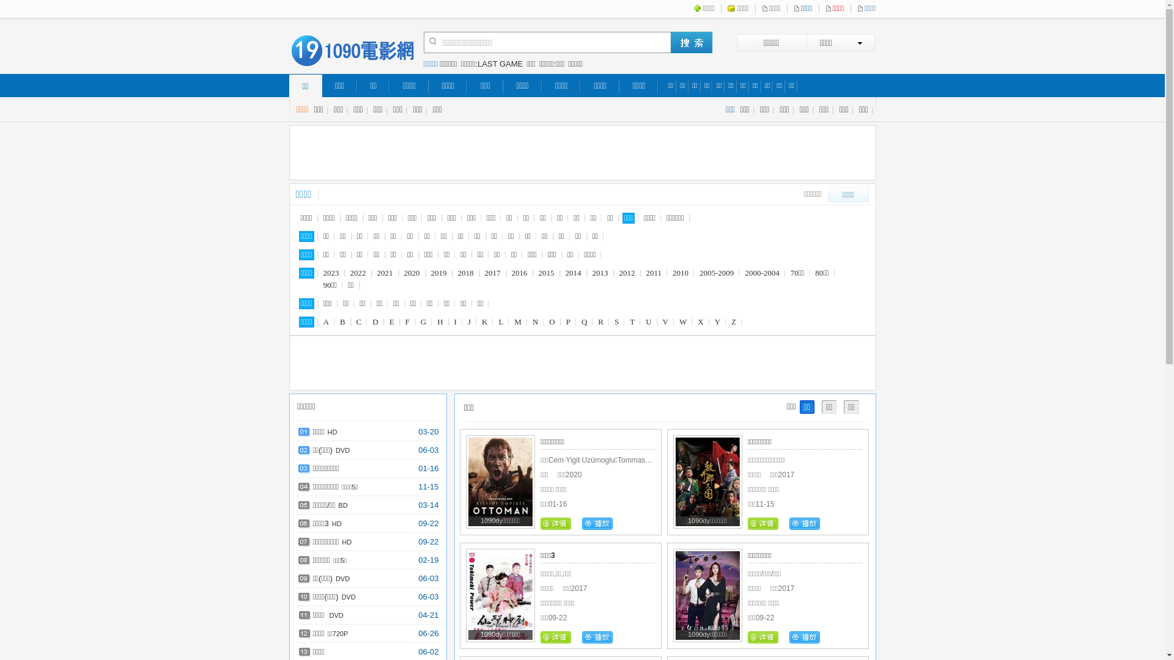 This screenshot has height=660, width=1174. I want to click on 'K', so click(484, 321).